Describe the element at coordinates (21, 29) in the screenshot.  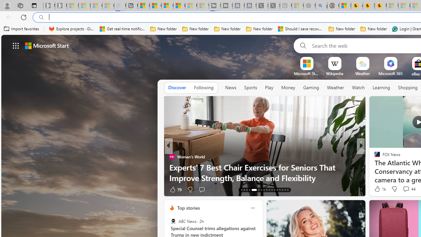
I see `'Import favorites'` at that location.